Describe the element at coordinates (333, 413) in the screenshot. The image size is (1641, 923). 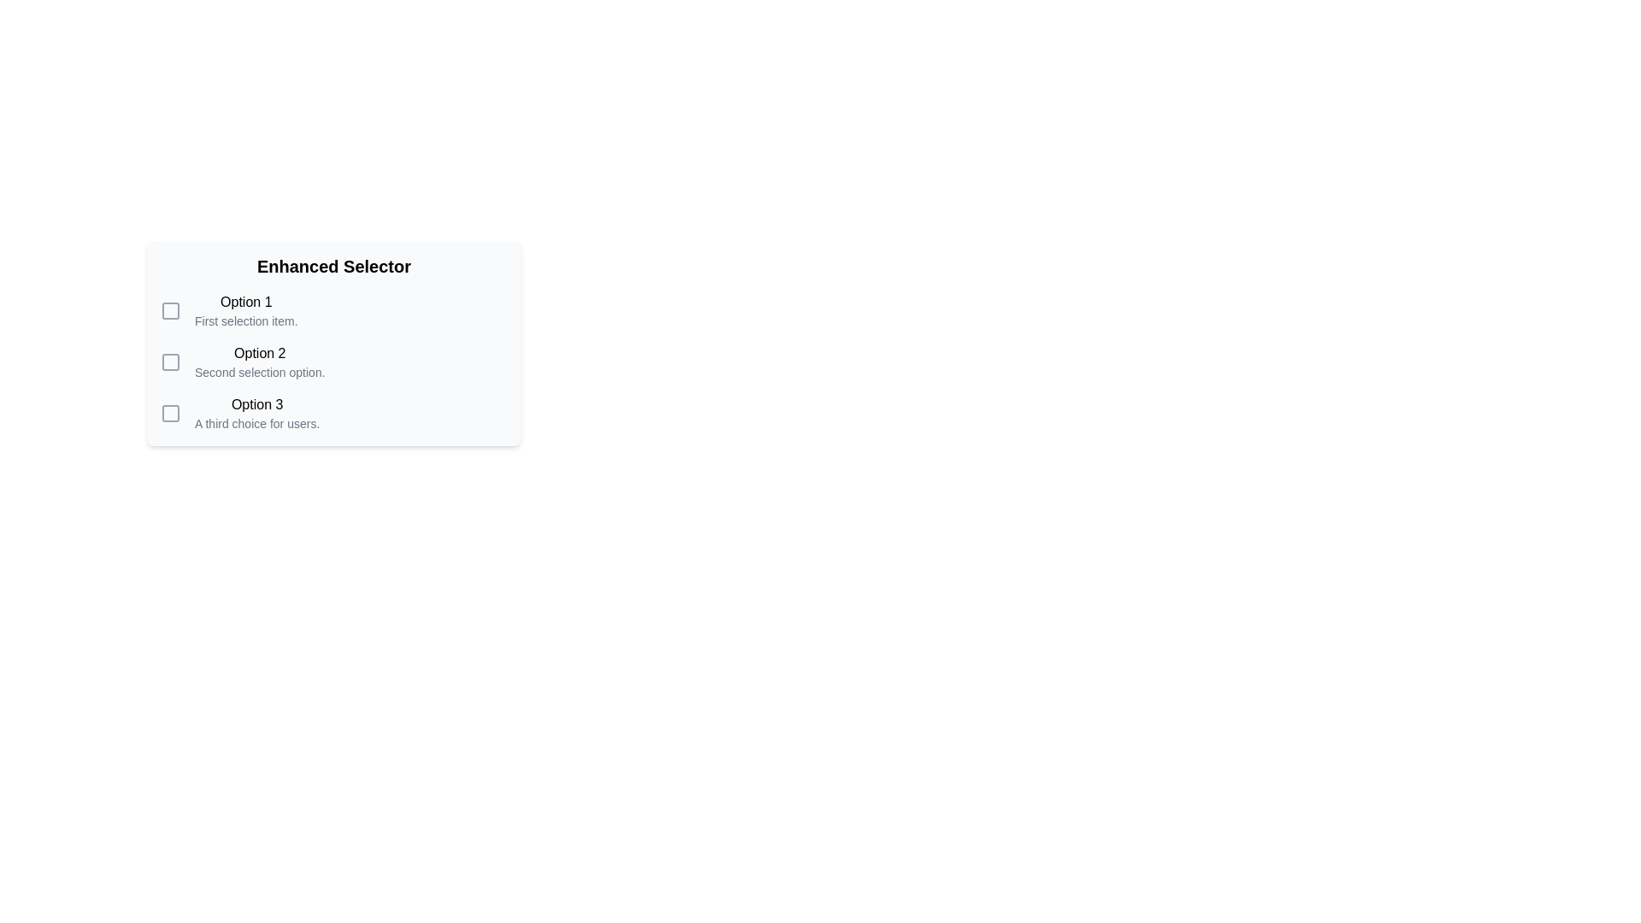
I see `the checkbox located as the third option in a vertical list, below 'Option 2'` at that location.